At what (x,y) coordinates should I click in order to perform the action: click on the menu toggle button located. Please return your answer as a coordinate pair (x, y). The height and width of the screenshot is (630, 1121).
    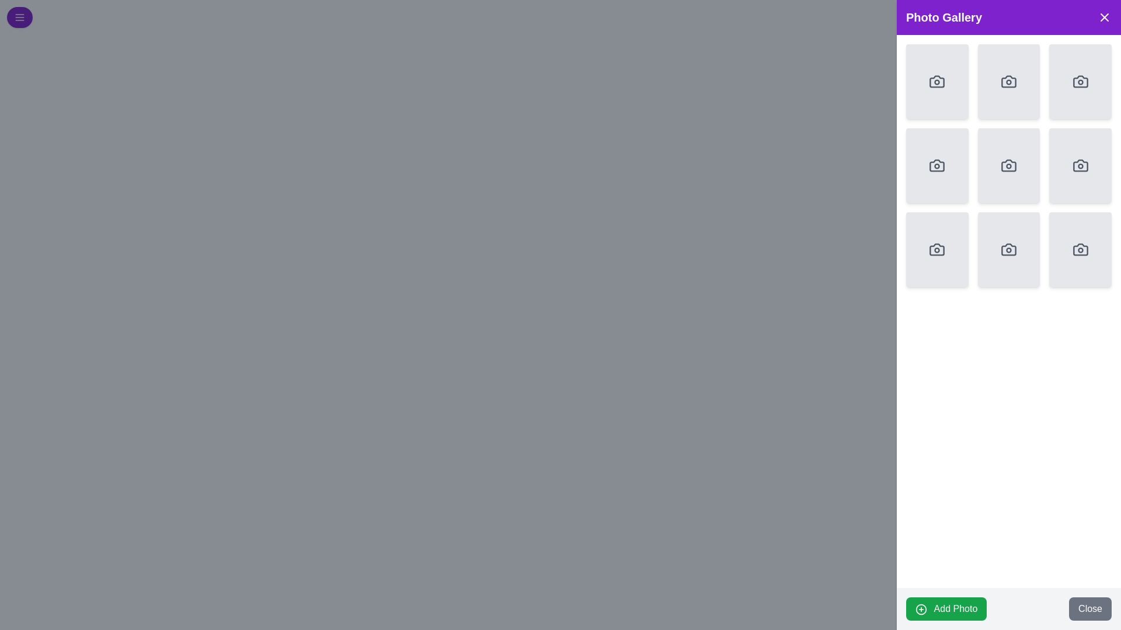
    Looking at the image, I should click on (19, 17).